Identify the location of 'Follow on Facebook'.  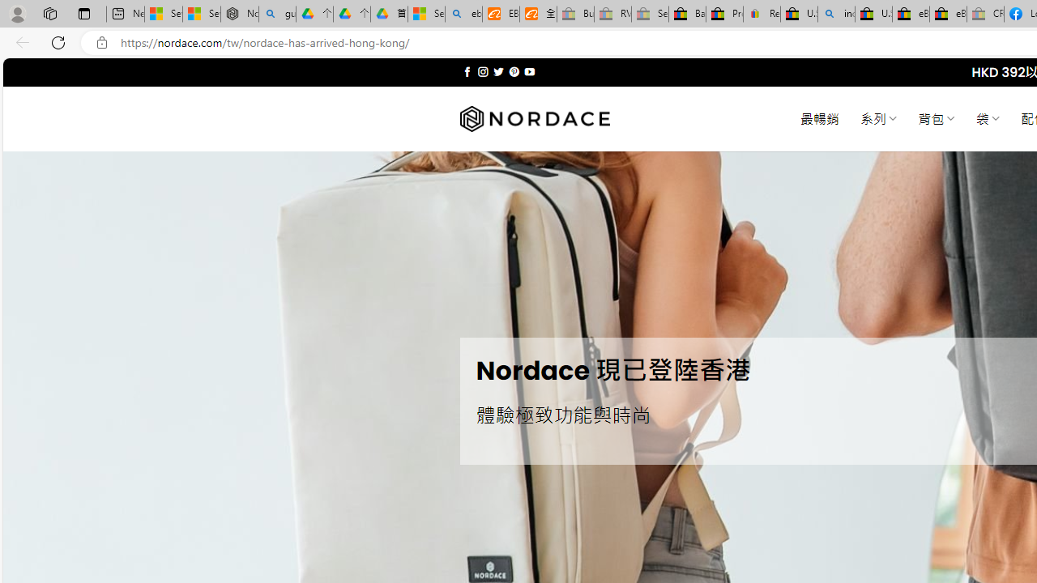
(467, 71).